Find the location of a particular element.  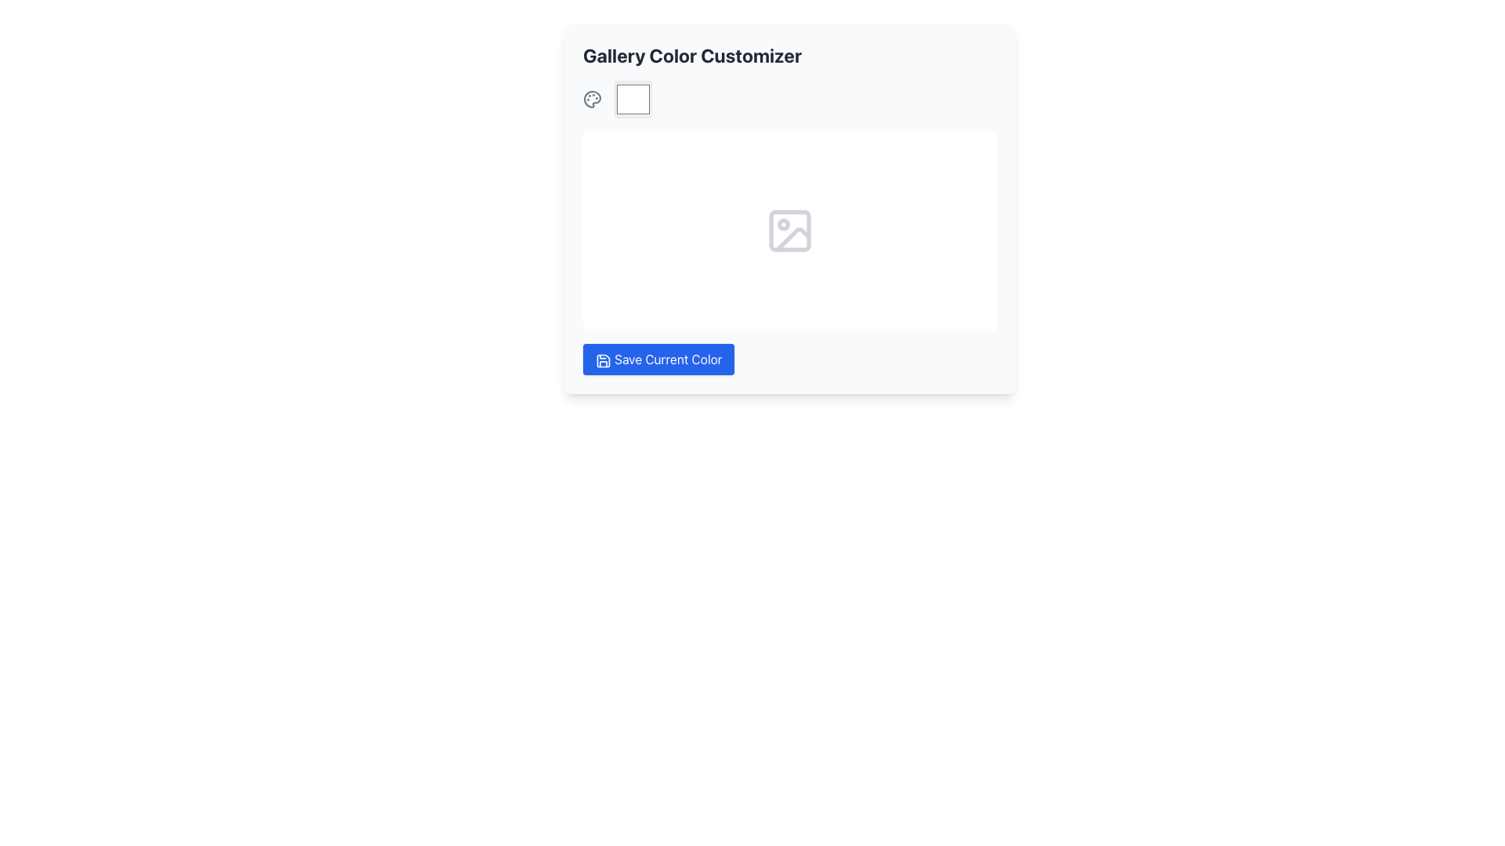

the gray icon with a stylized image outline and a circular element in the top left, located in the 'Gallery Color Customizer' section above the 'Save Current Color' button is located at coordinates (790, 230).